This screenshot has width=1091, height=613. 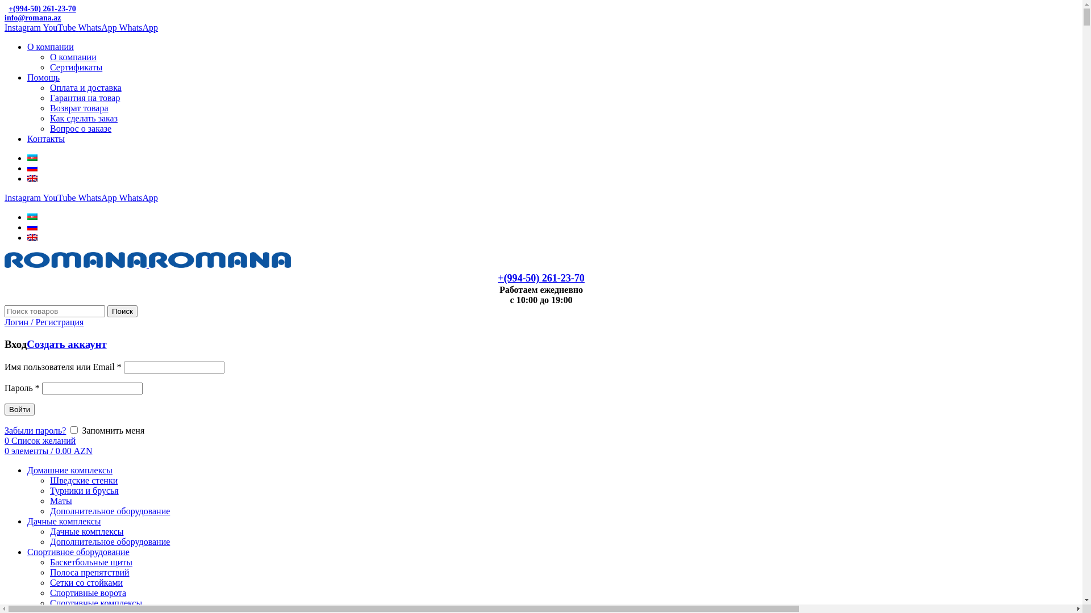 I want to click on 'WhatsApp', so click(x=98, y=27).